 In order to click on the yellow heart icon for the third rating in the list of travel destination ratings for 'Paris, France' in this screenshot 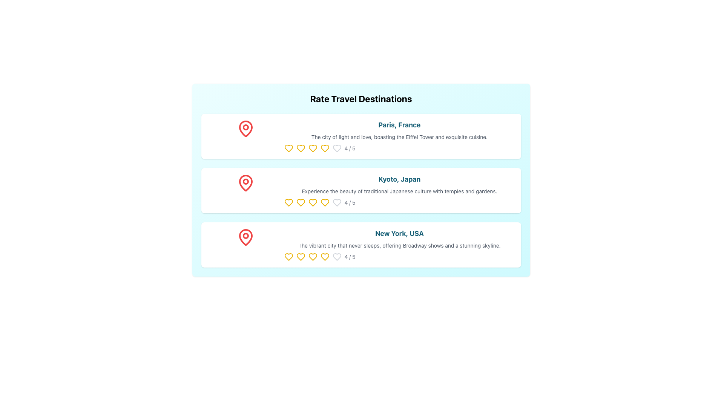, I will do `click(313, 148)`.